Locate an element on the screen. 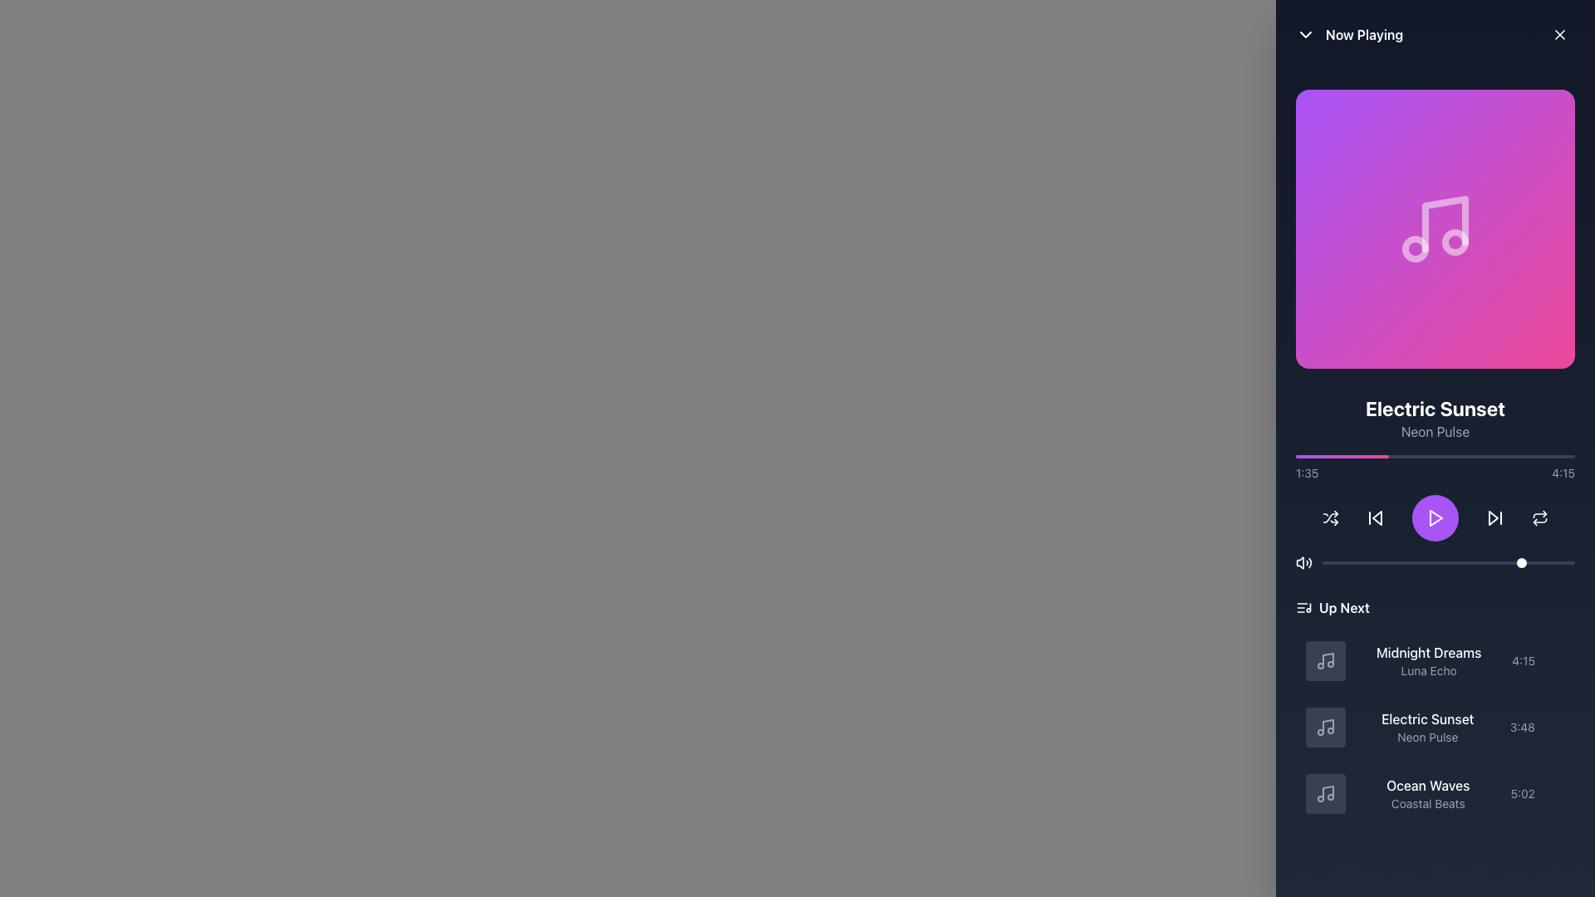  the static text label 'Neon Pulse' that is located below 'Electric Sunset' in the music queue interface is located at coordinates (1426, 736).